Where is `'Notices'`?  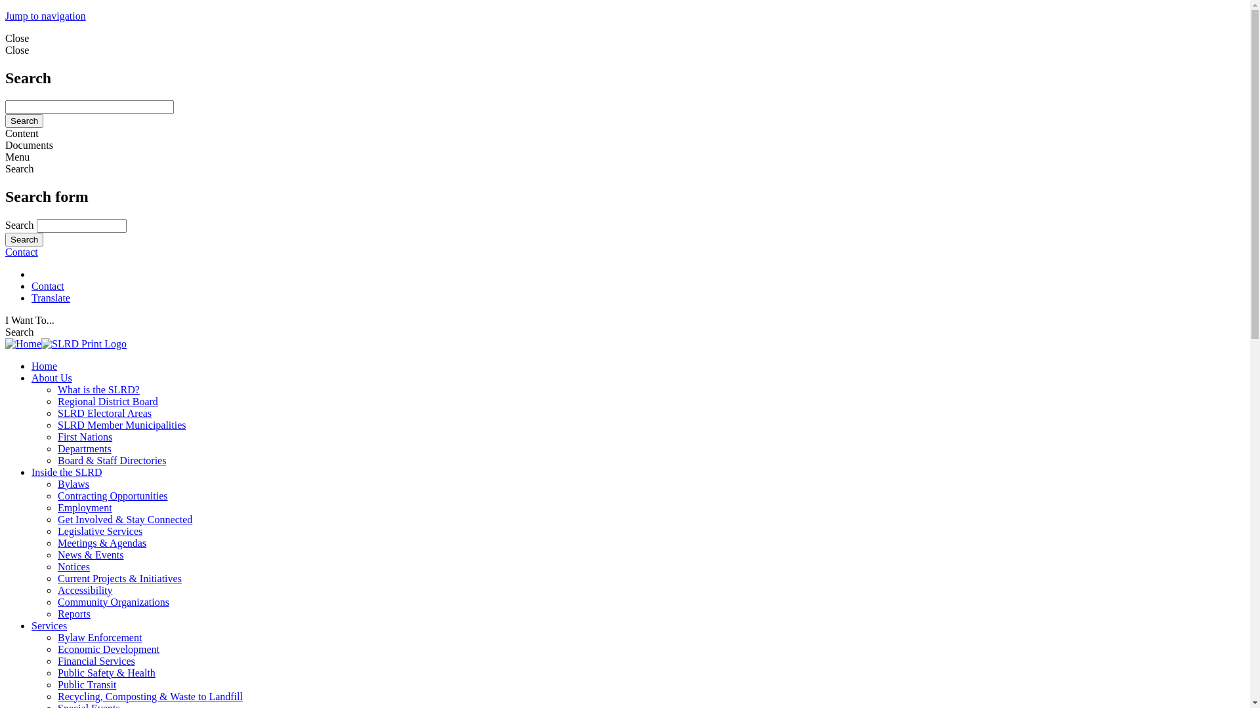 'Notices' is located at coordinates (73, 566).